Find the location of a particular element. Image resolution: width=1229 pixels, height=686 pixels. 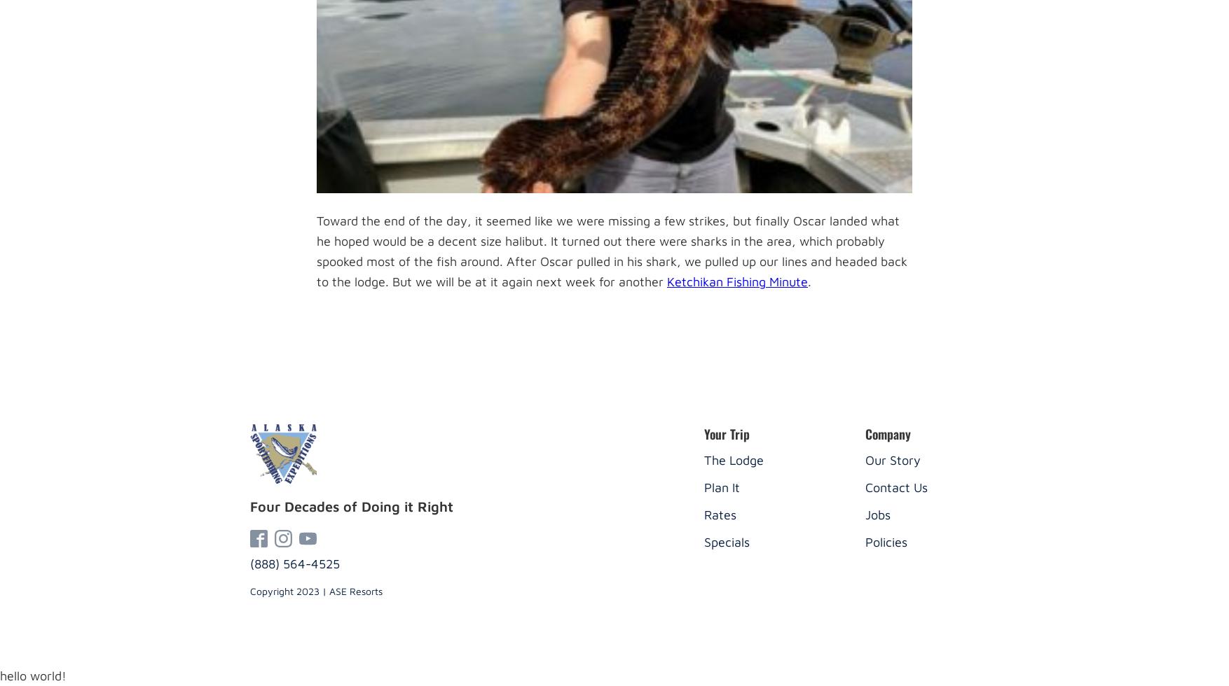

'Your Trip' is located at coordinates (703, 433).